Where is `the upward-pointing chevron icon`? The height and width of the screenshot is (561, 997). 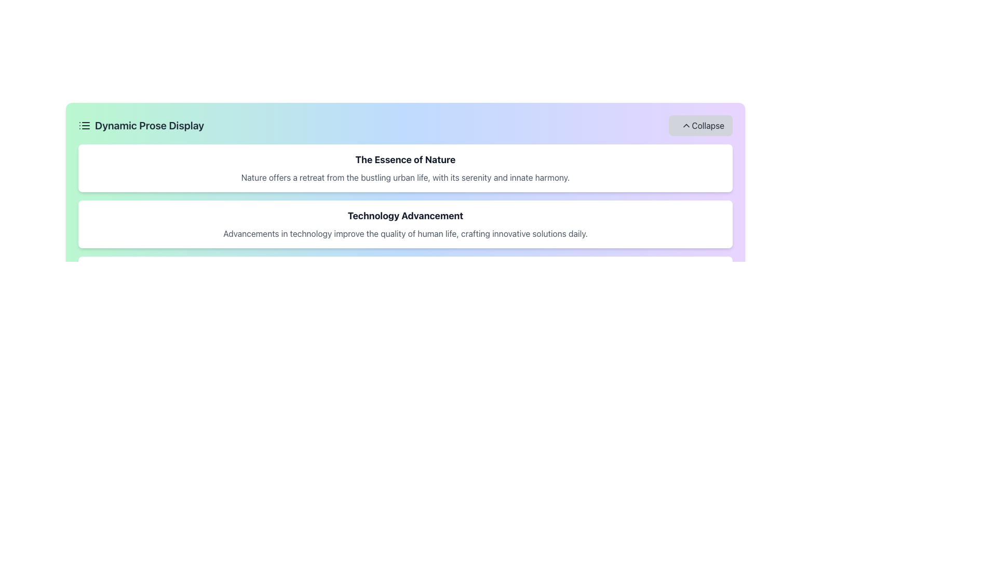 the upward-pointing chevron icon is located at coordinates (686, 125).